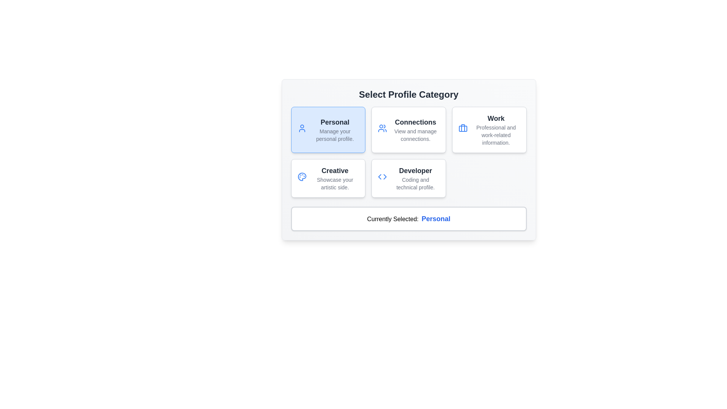 The width and height of the screenshot is (727, 409). Describe the element at coordinates (496, 130) in the screenshot. I see `the text display component that shows 'Work' in bold and 'Professional and work-related information.' in gray` at that location.